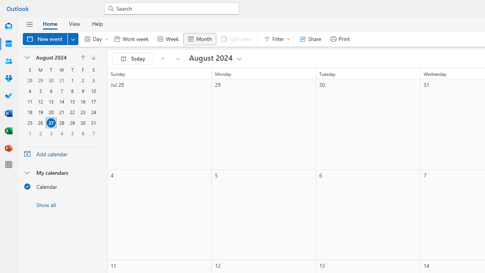 This screenshot has width=485, height=273. I want to click on 'System', so click(4, 4).